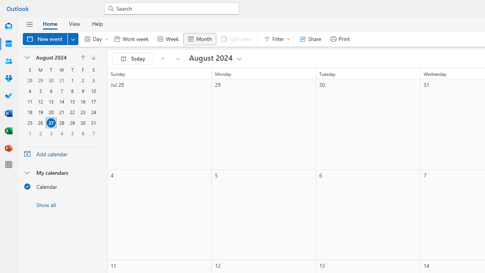 This screenshot has width=485, height=273. I want to click on 'System', so click(4, 4).